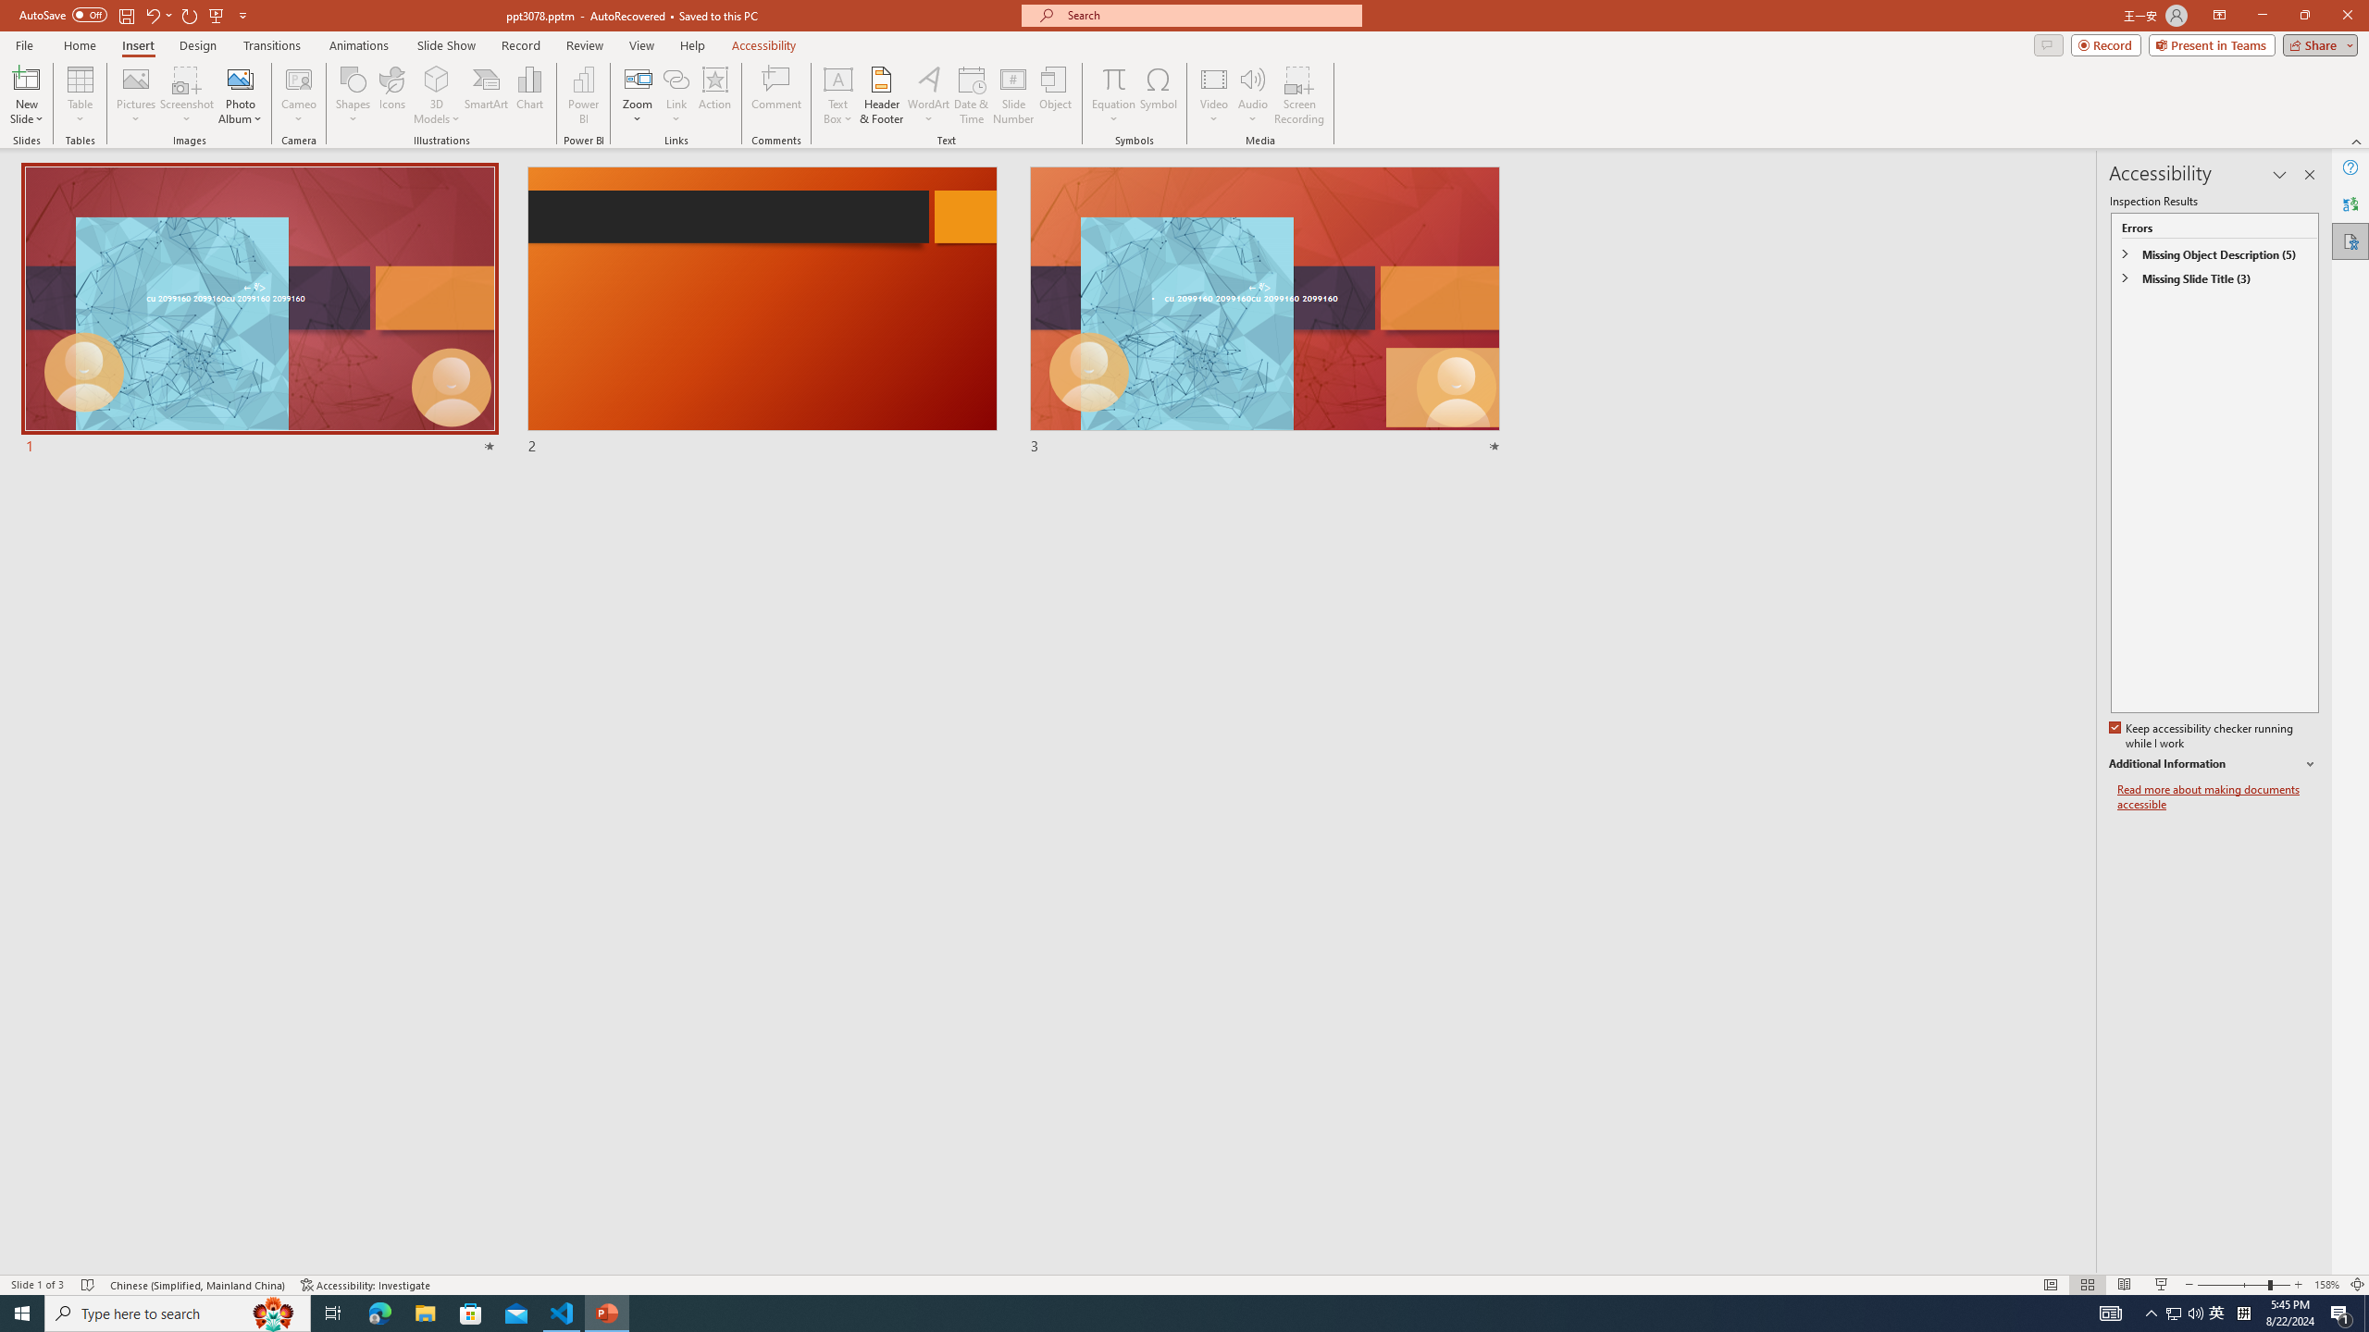 This screenshot has width=2369, height=1332. What do you see at coordinates (2214, 764) in the screenshot?
I see `'Additional Information'` at bounding box center [2214, 764].